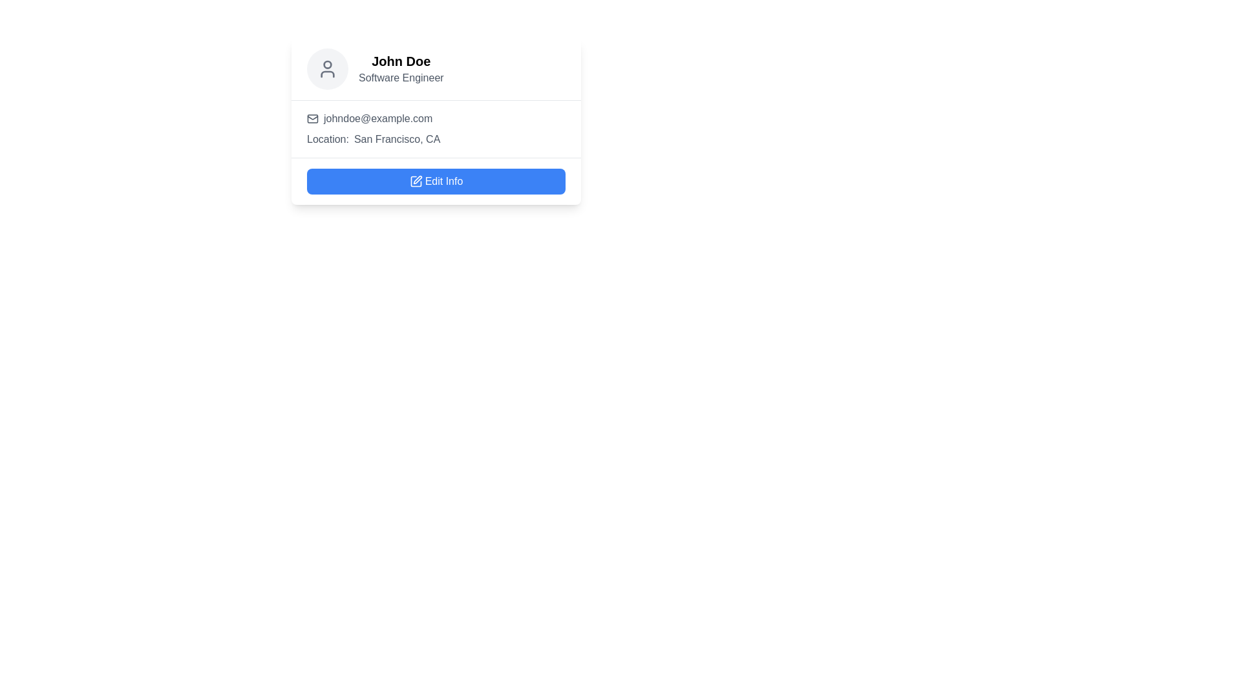  Describe the element at coordinates (436, 182) in the screenshot. I see `the blue button labeled 'Edit Info' with a pen icon to activate accessibility features` at that location.